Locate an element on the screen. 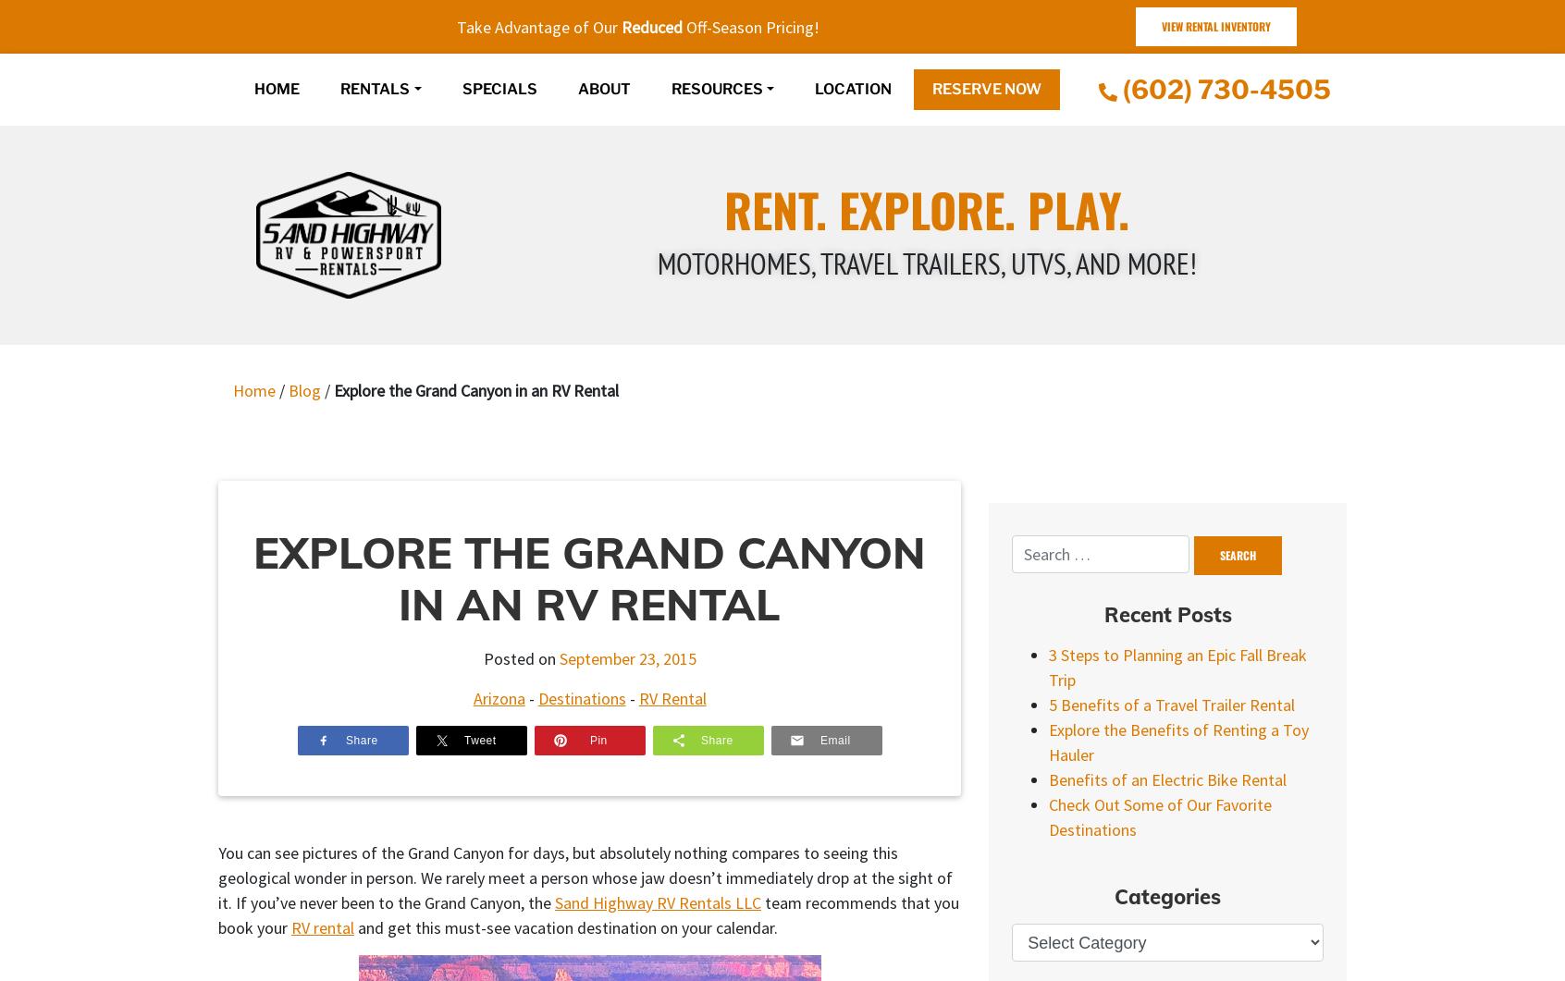  'Destinations' is located at coordinates (536, 697).